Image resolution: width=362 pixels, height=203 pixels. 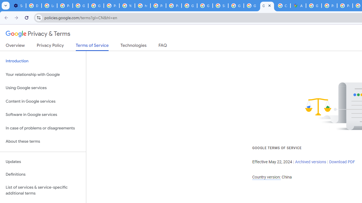 I want to click on 'Country version:', so click(x=266, y=177).